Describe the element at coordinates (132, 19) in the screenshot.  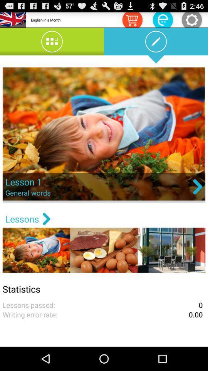
I see `cart` at that location.